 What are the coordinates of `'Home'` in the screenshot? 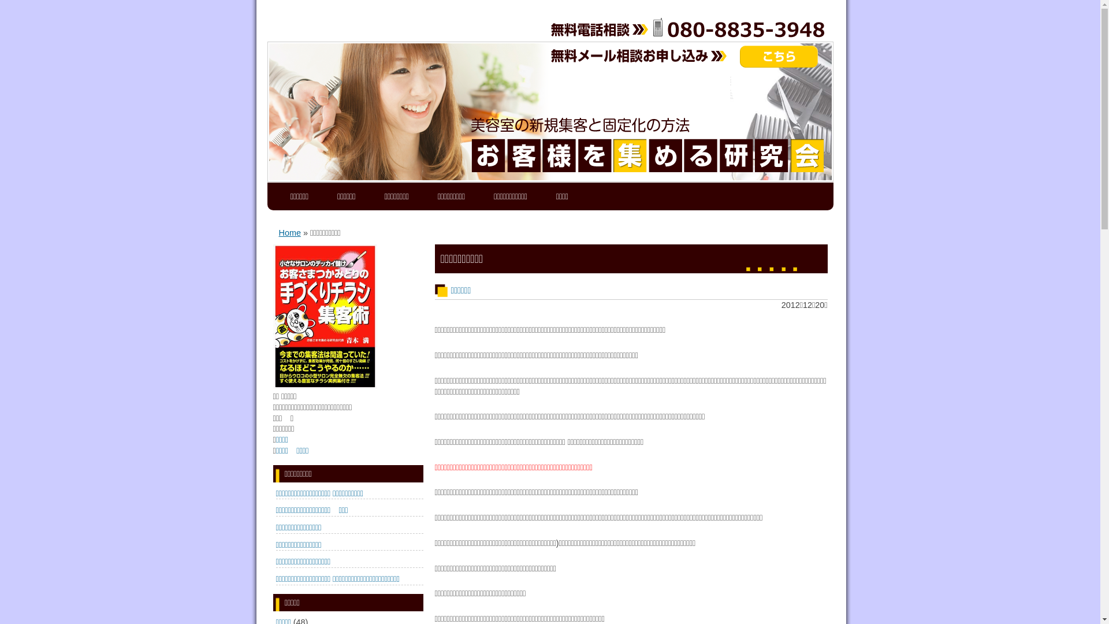 It's located at (289, 232).